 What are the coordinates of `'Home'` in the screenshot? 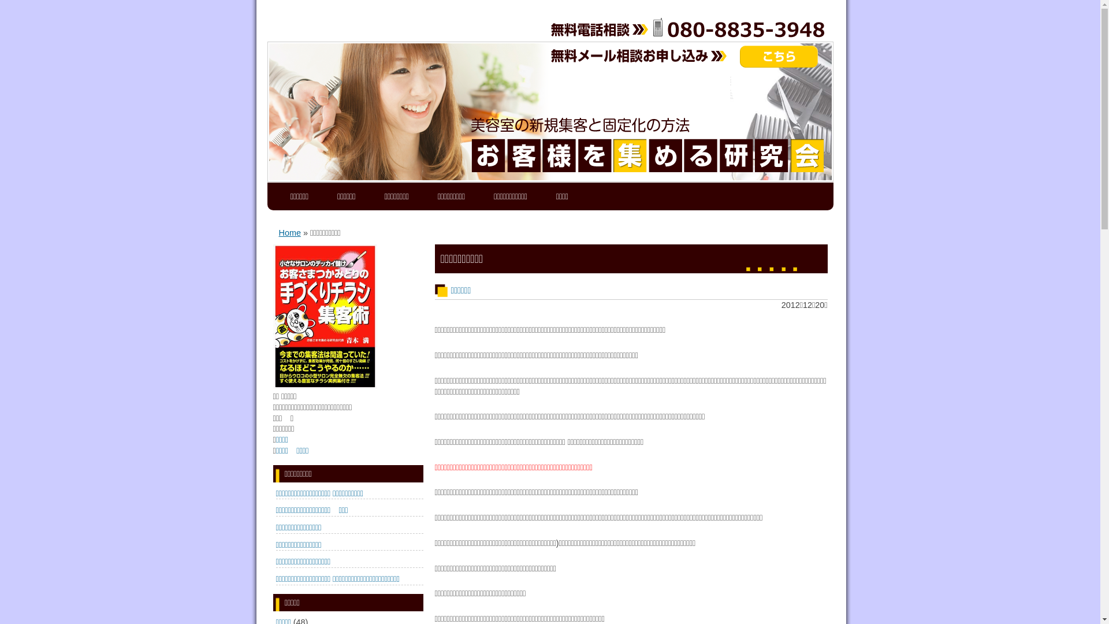 It's located at (289, 232).